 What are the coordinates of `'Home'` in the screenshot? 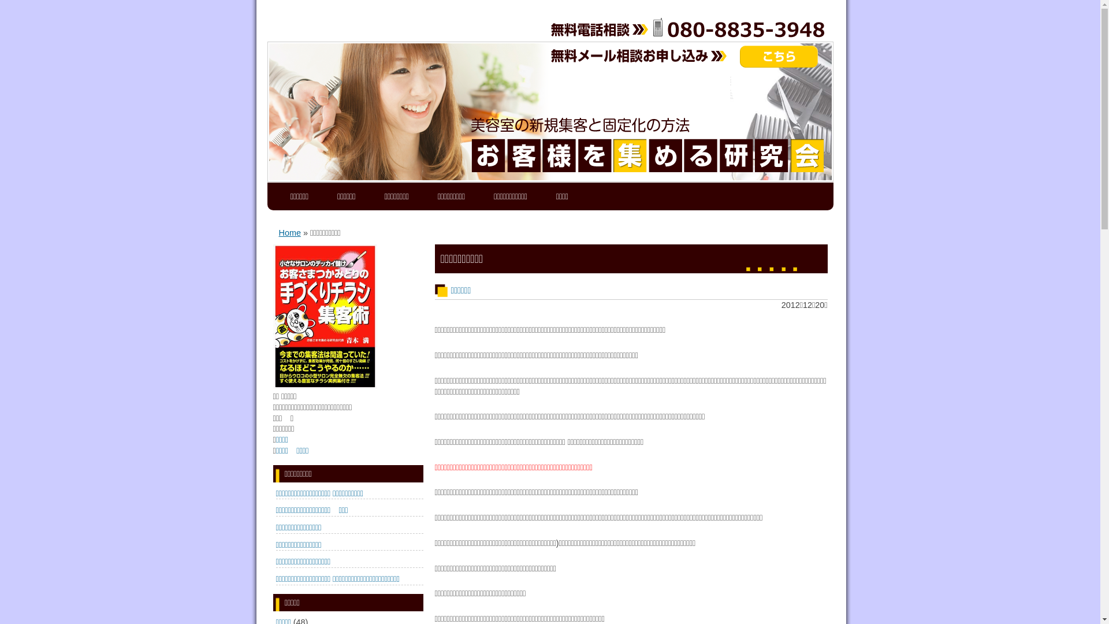 It's located at (289, 232).